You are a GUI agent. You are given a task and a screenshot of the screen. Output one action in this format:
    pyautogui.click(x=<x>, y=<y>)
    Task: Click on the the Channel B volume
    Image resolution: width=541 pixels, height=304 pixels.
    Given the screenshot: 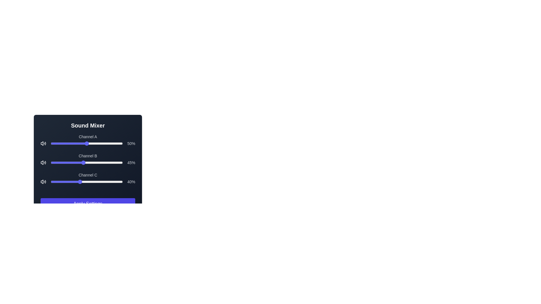 What is the action you would take?
    pyautogui.click(x=67, y=163)
    